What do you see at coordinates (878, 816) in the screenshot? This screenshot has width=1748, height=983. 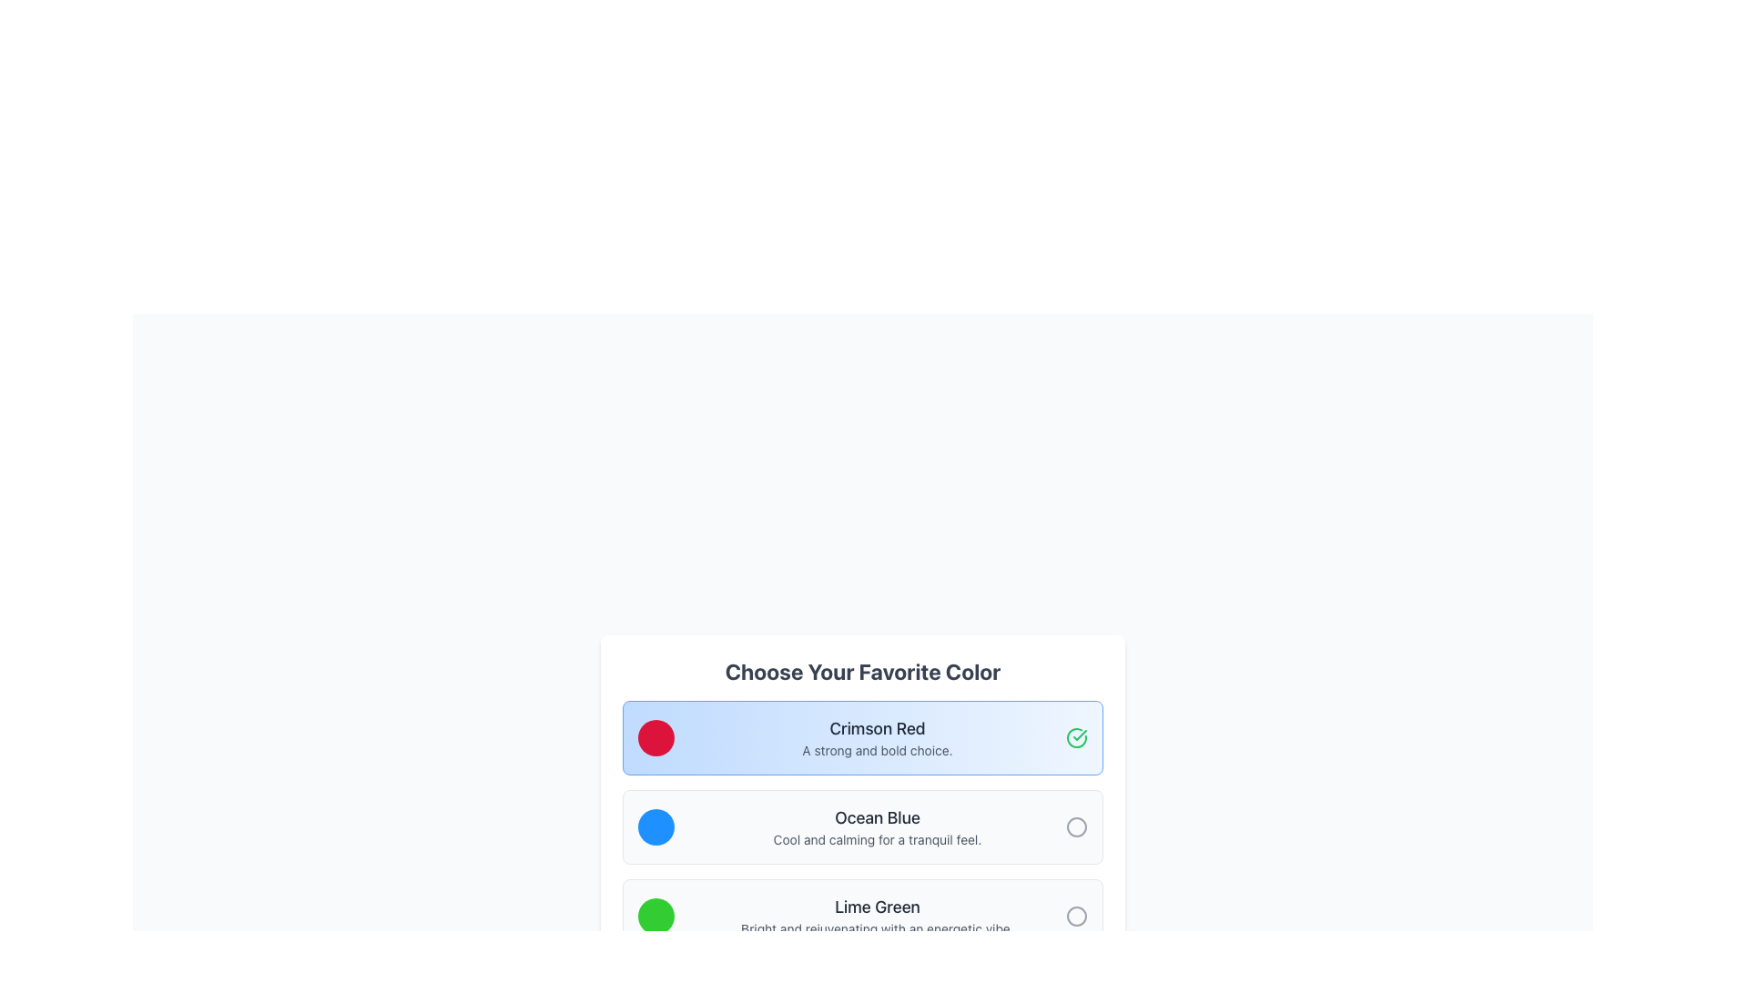 I see `the 'Ocean Blue' text label, which serves as a title for the color option in the list of colors` at bounding box center [878, 816].